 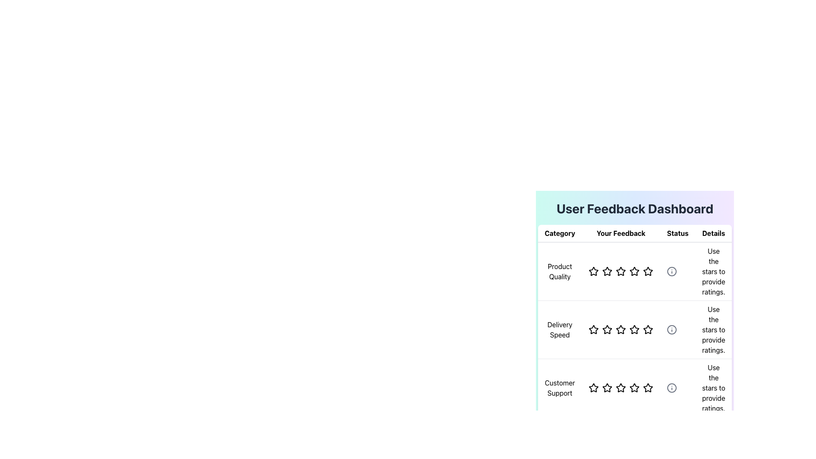 I want to click on the informational icon located in the 'Details' column of the first row in the 'User Feedback Dashboard' table, so click(x=671, y=272).